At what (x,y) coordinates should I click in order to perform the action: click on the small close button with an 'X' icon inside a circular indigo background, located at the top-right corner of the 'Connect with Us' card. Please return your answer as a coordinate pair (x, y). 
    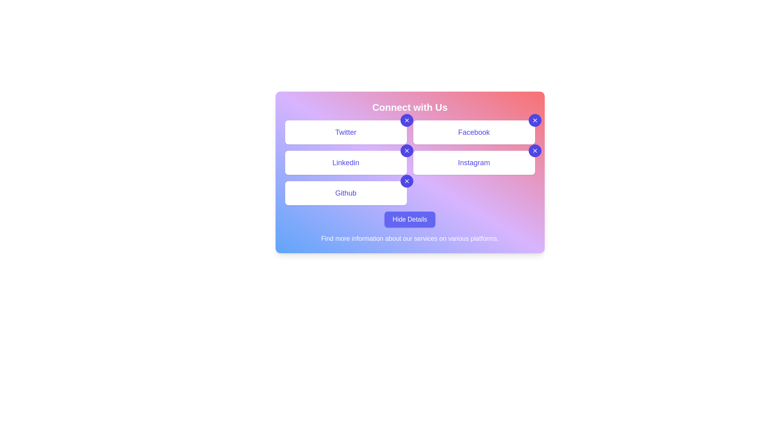
    Looking at the image, I should click on (407, 120).